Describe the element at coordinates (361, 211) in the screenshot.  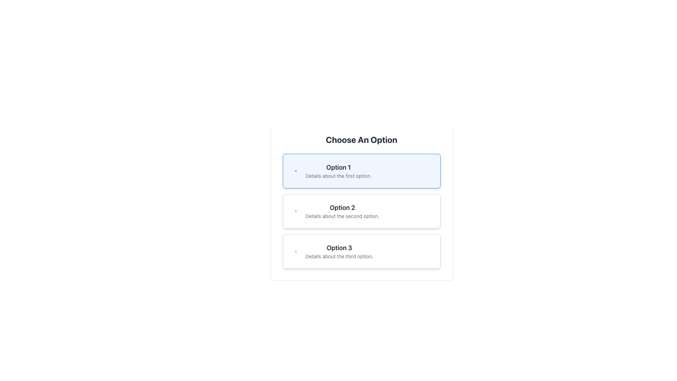
I see `the selectable option button located in the middle of three interactive options, directly underneath 'Option 1' and above 'Option 3'` at that location.